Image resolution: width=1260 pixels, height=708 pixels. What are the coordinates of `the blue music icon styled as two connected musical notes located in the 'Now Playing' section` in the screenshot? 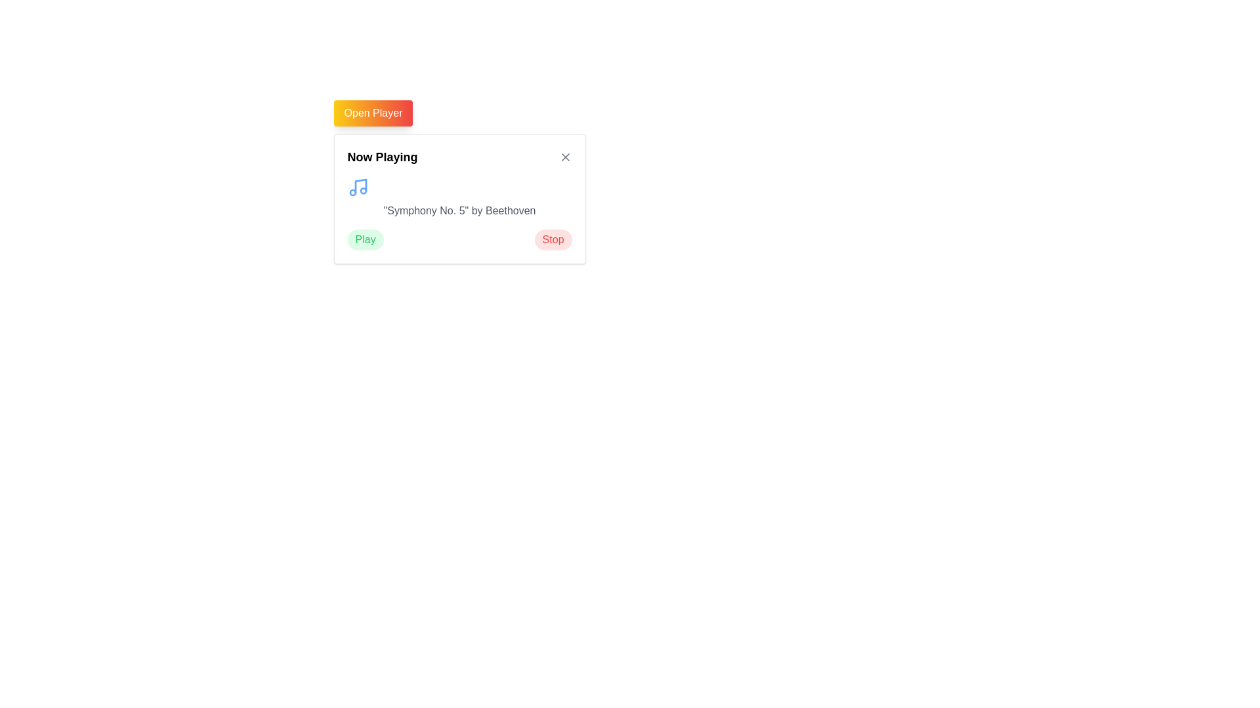 It's located at (358, 187).